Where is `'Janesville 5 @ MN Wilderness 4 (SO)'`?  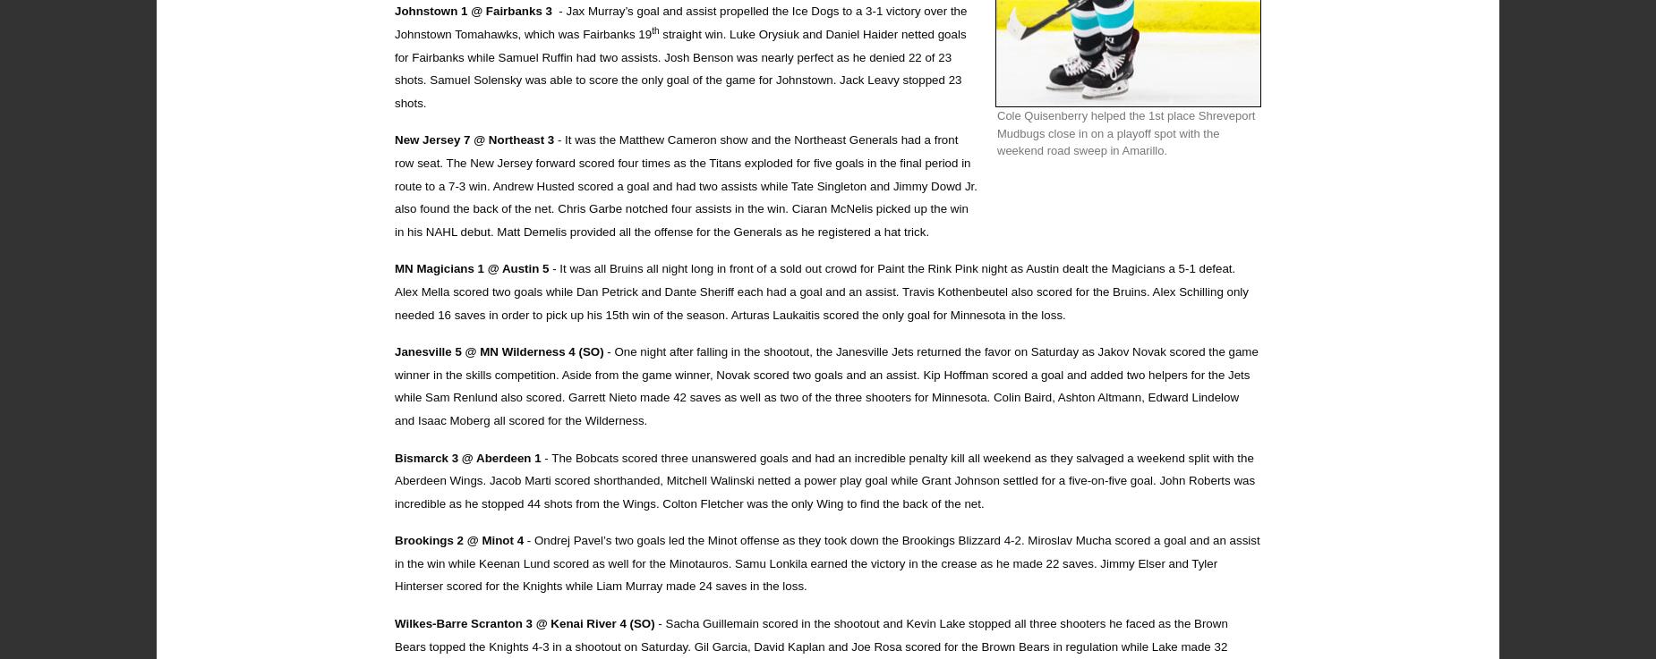
'Janesville 5 @ MN Wilderness 4 (SO)' is located at coordinates (500, 351).